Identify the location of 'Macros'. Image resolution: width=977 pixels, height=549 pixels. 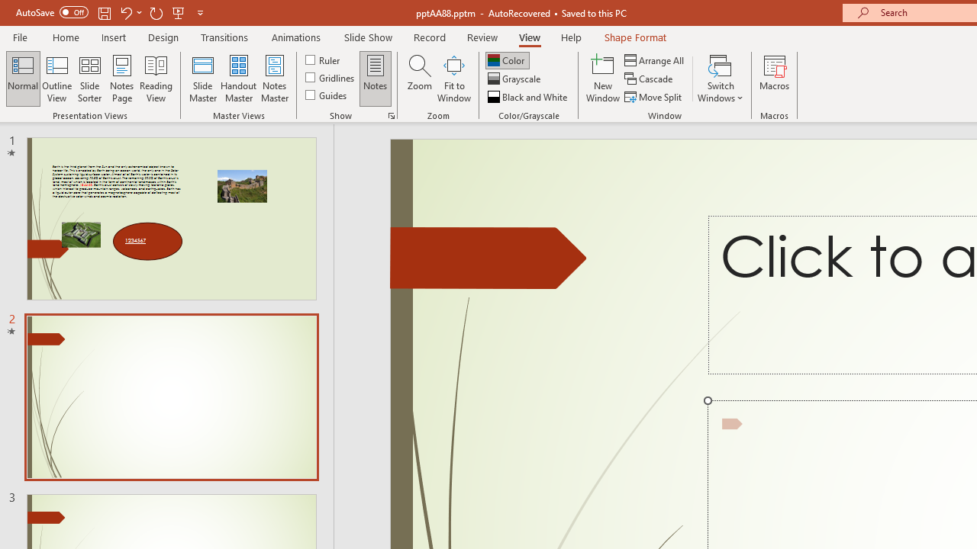
(775, 79).